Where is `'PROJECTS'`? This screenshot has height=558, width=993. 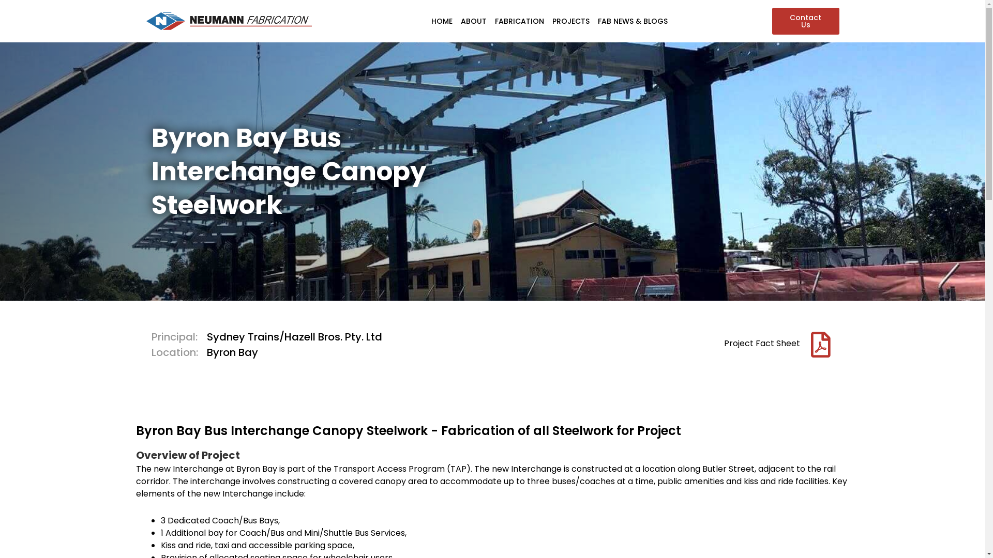 'PROJECTS' is located at coordinates (570, 21).